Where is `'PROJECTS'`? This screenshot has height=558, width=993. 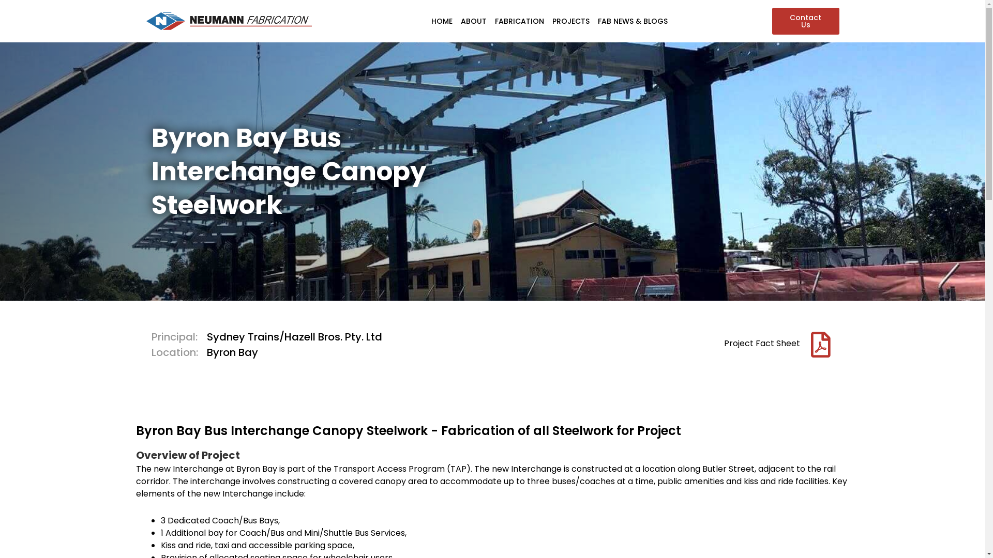 'PROJECTS' is located at coordinates (570, 21).